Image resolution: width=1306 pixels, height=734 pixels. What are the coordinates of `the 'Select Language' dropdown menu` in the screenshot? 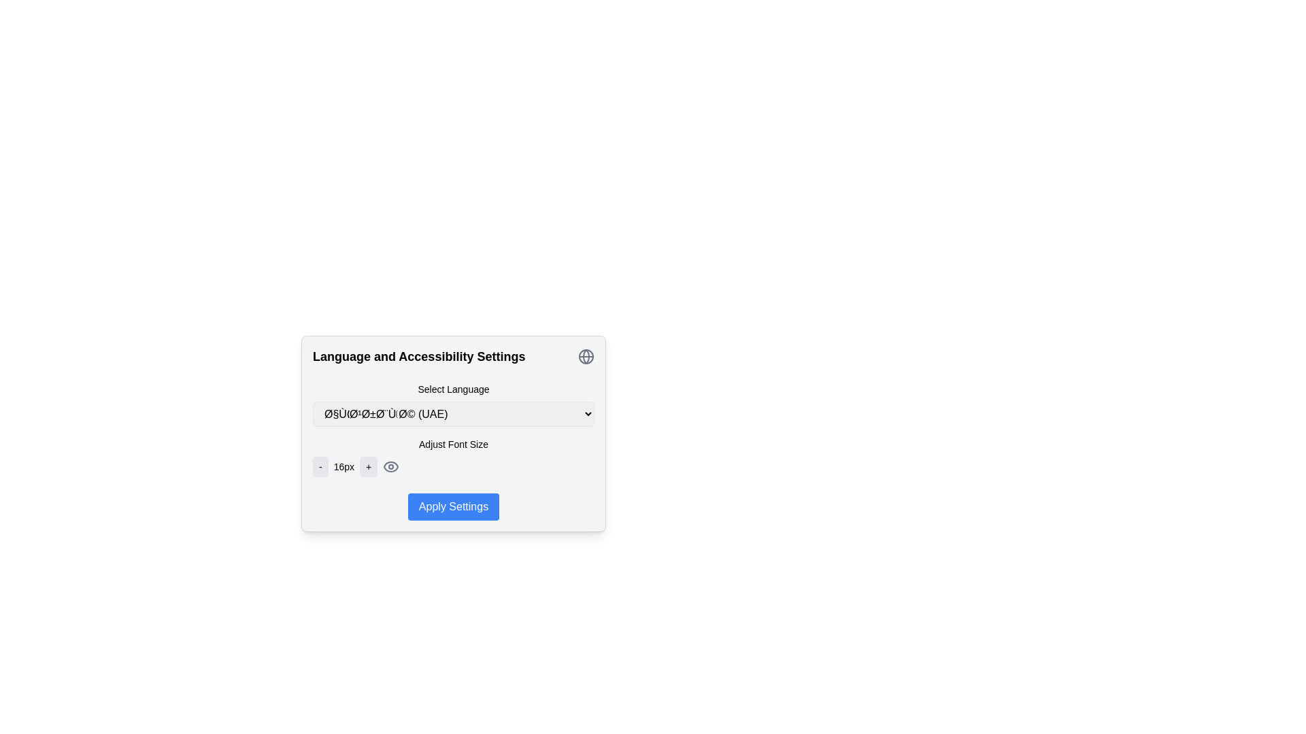 It's located at (454, 404).